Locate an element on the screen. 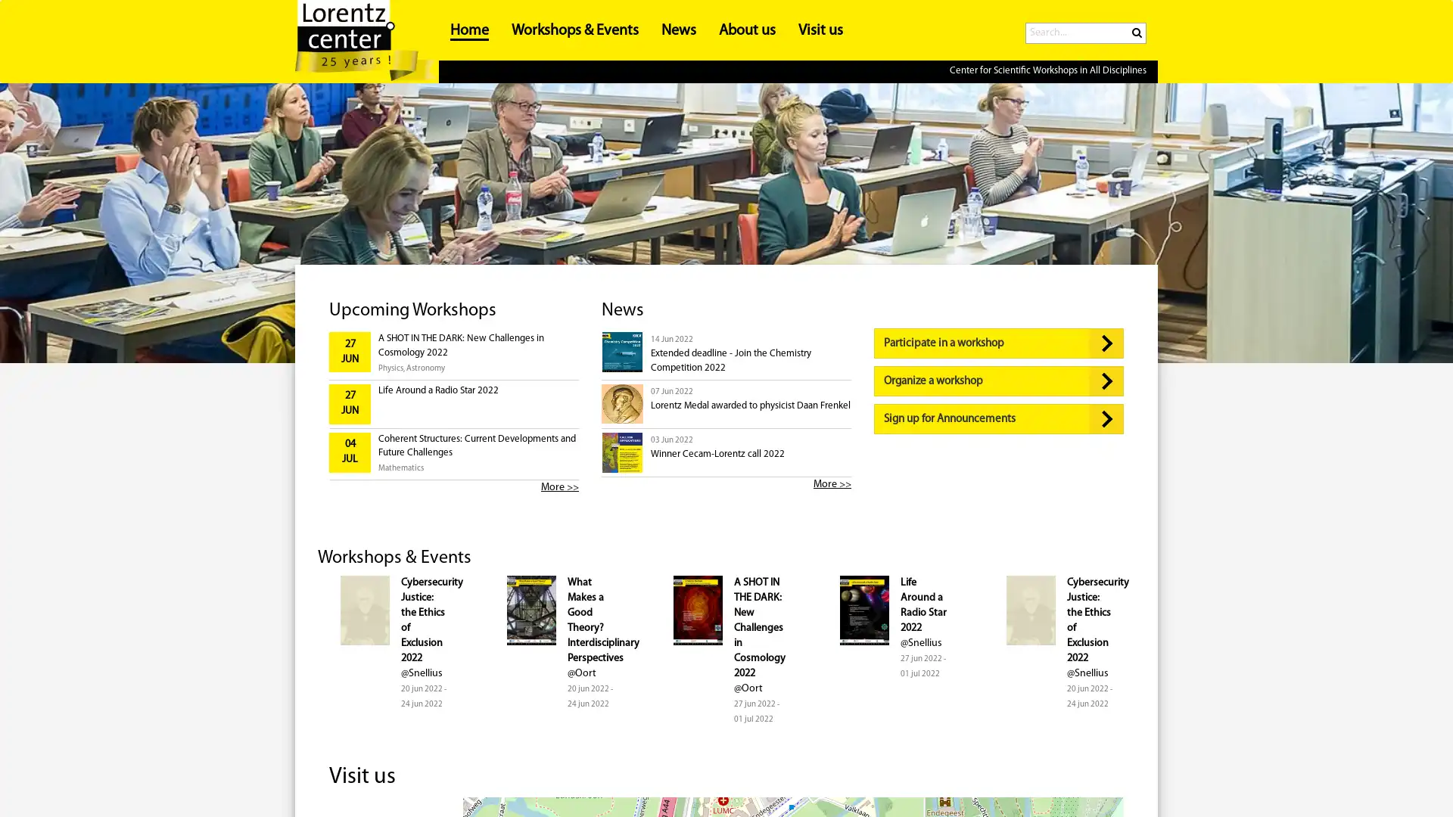  Participate in a workshop is located at coordinates (999, 343).